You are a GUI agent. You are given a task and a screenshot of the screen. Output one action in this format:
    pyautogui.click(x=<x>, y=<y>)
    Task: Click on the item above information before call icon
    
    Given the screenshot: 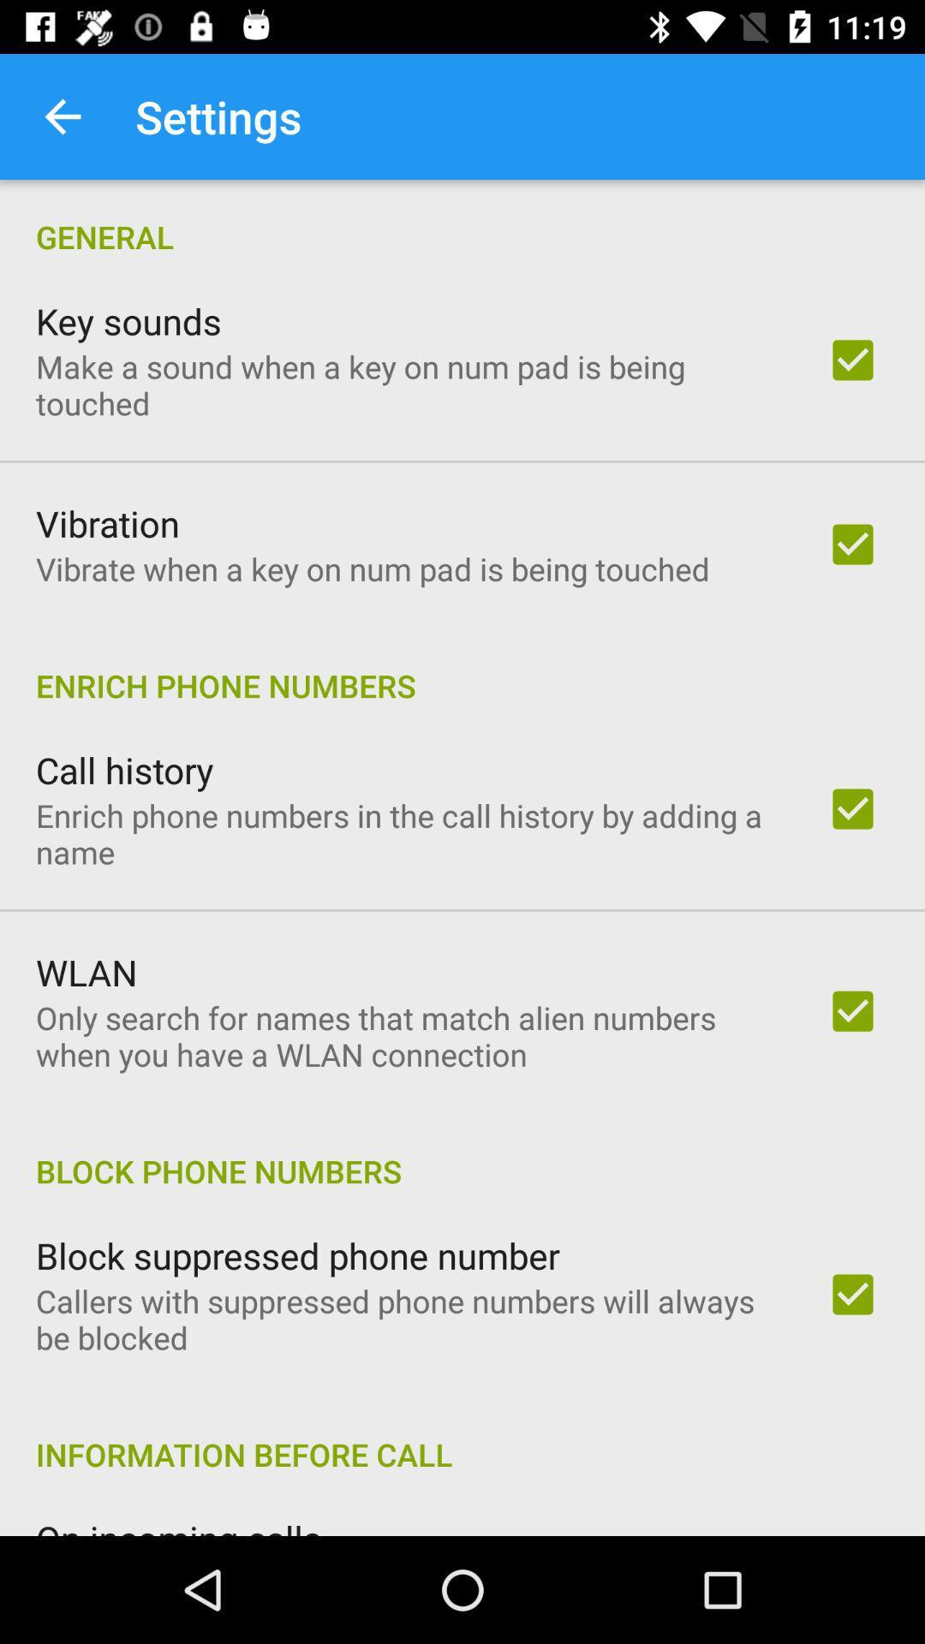 What is the action you would take?
    pyautogui.click(x=409, y=1318)
    